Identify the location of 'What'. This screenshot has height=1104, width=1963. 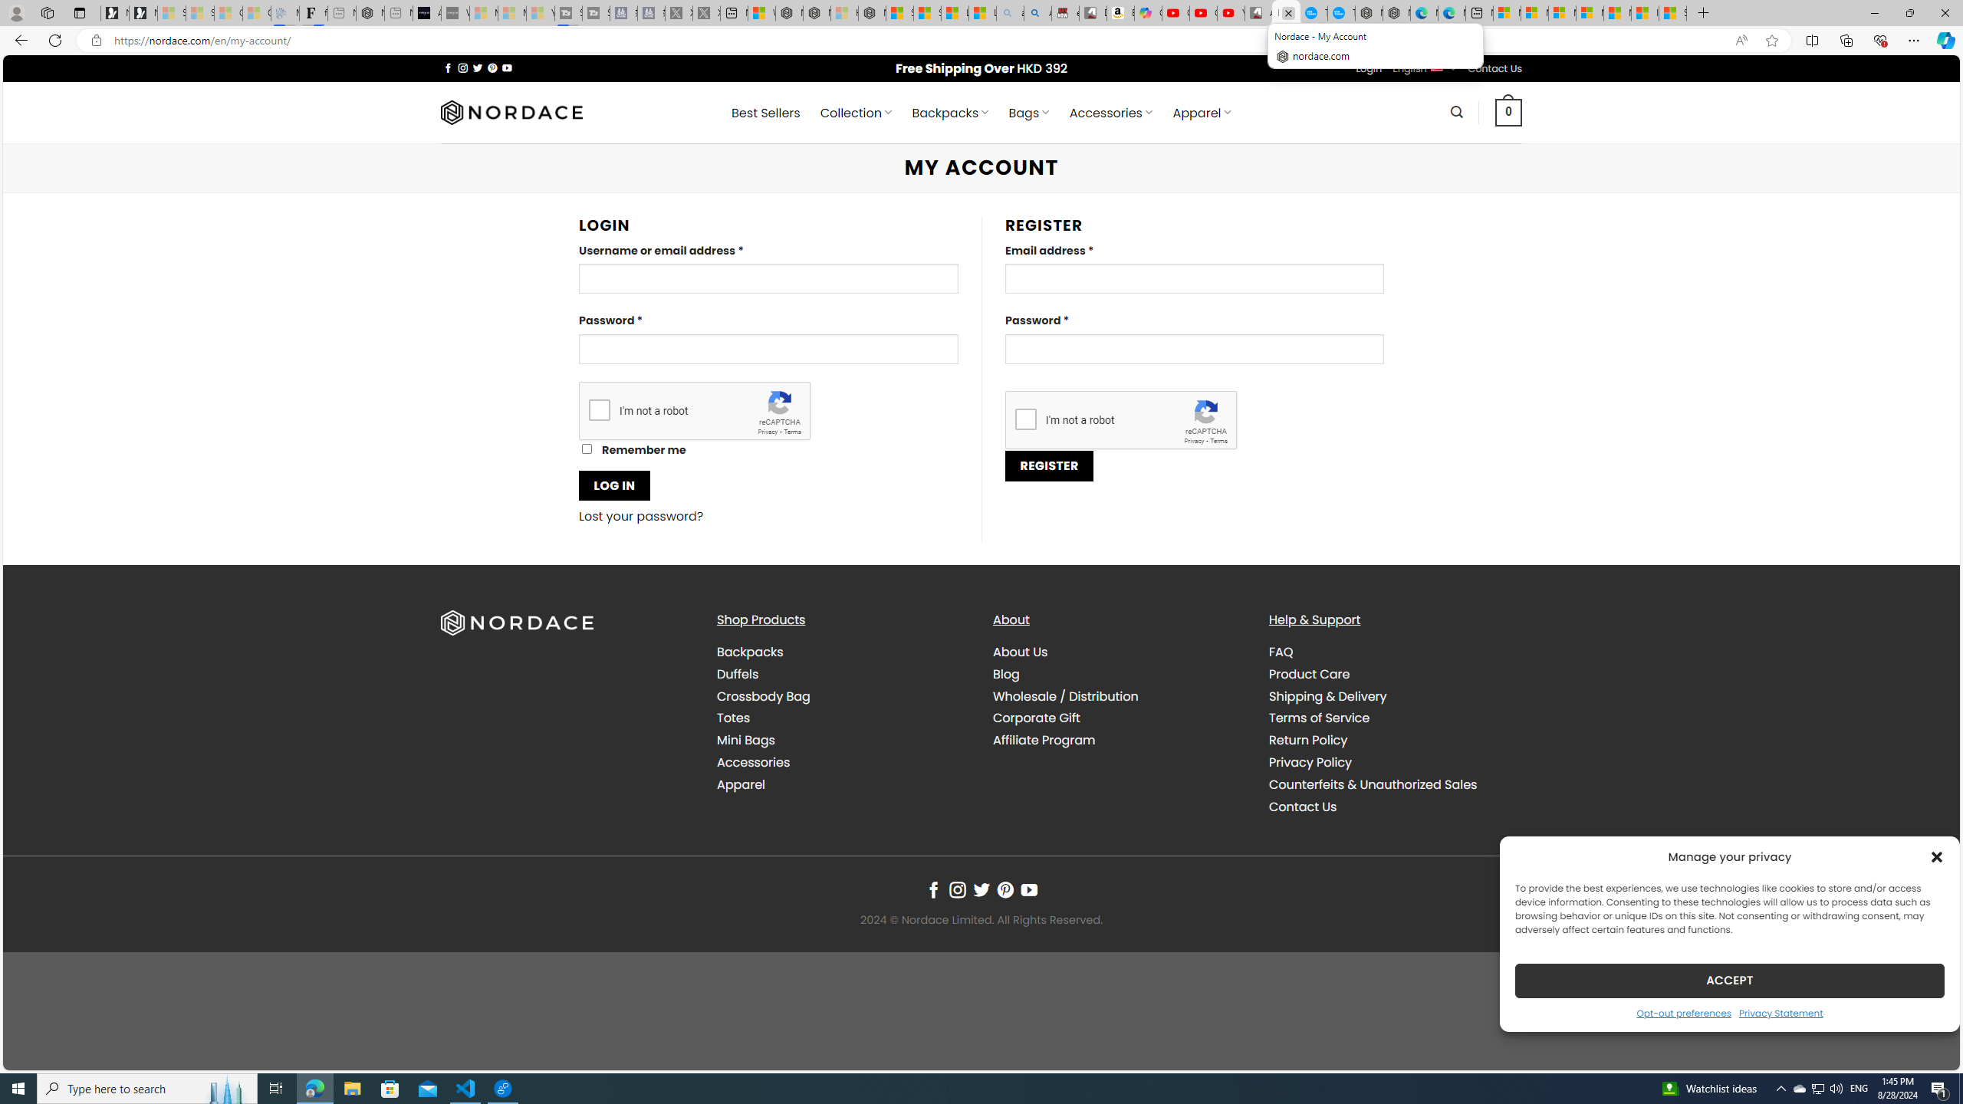
(454, 12).